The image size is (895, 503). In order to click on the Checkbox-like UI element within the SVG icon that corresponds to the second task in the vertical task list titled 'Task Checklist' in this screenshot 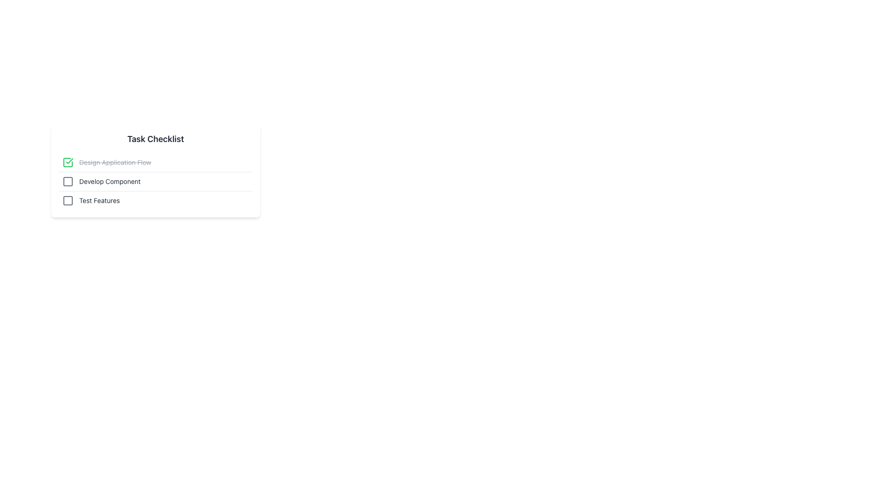, I will do `click(67, 181)`.